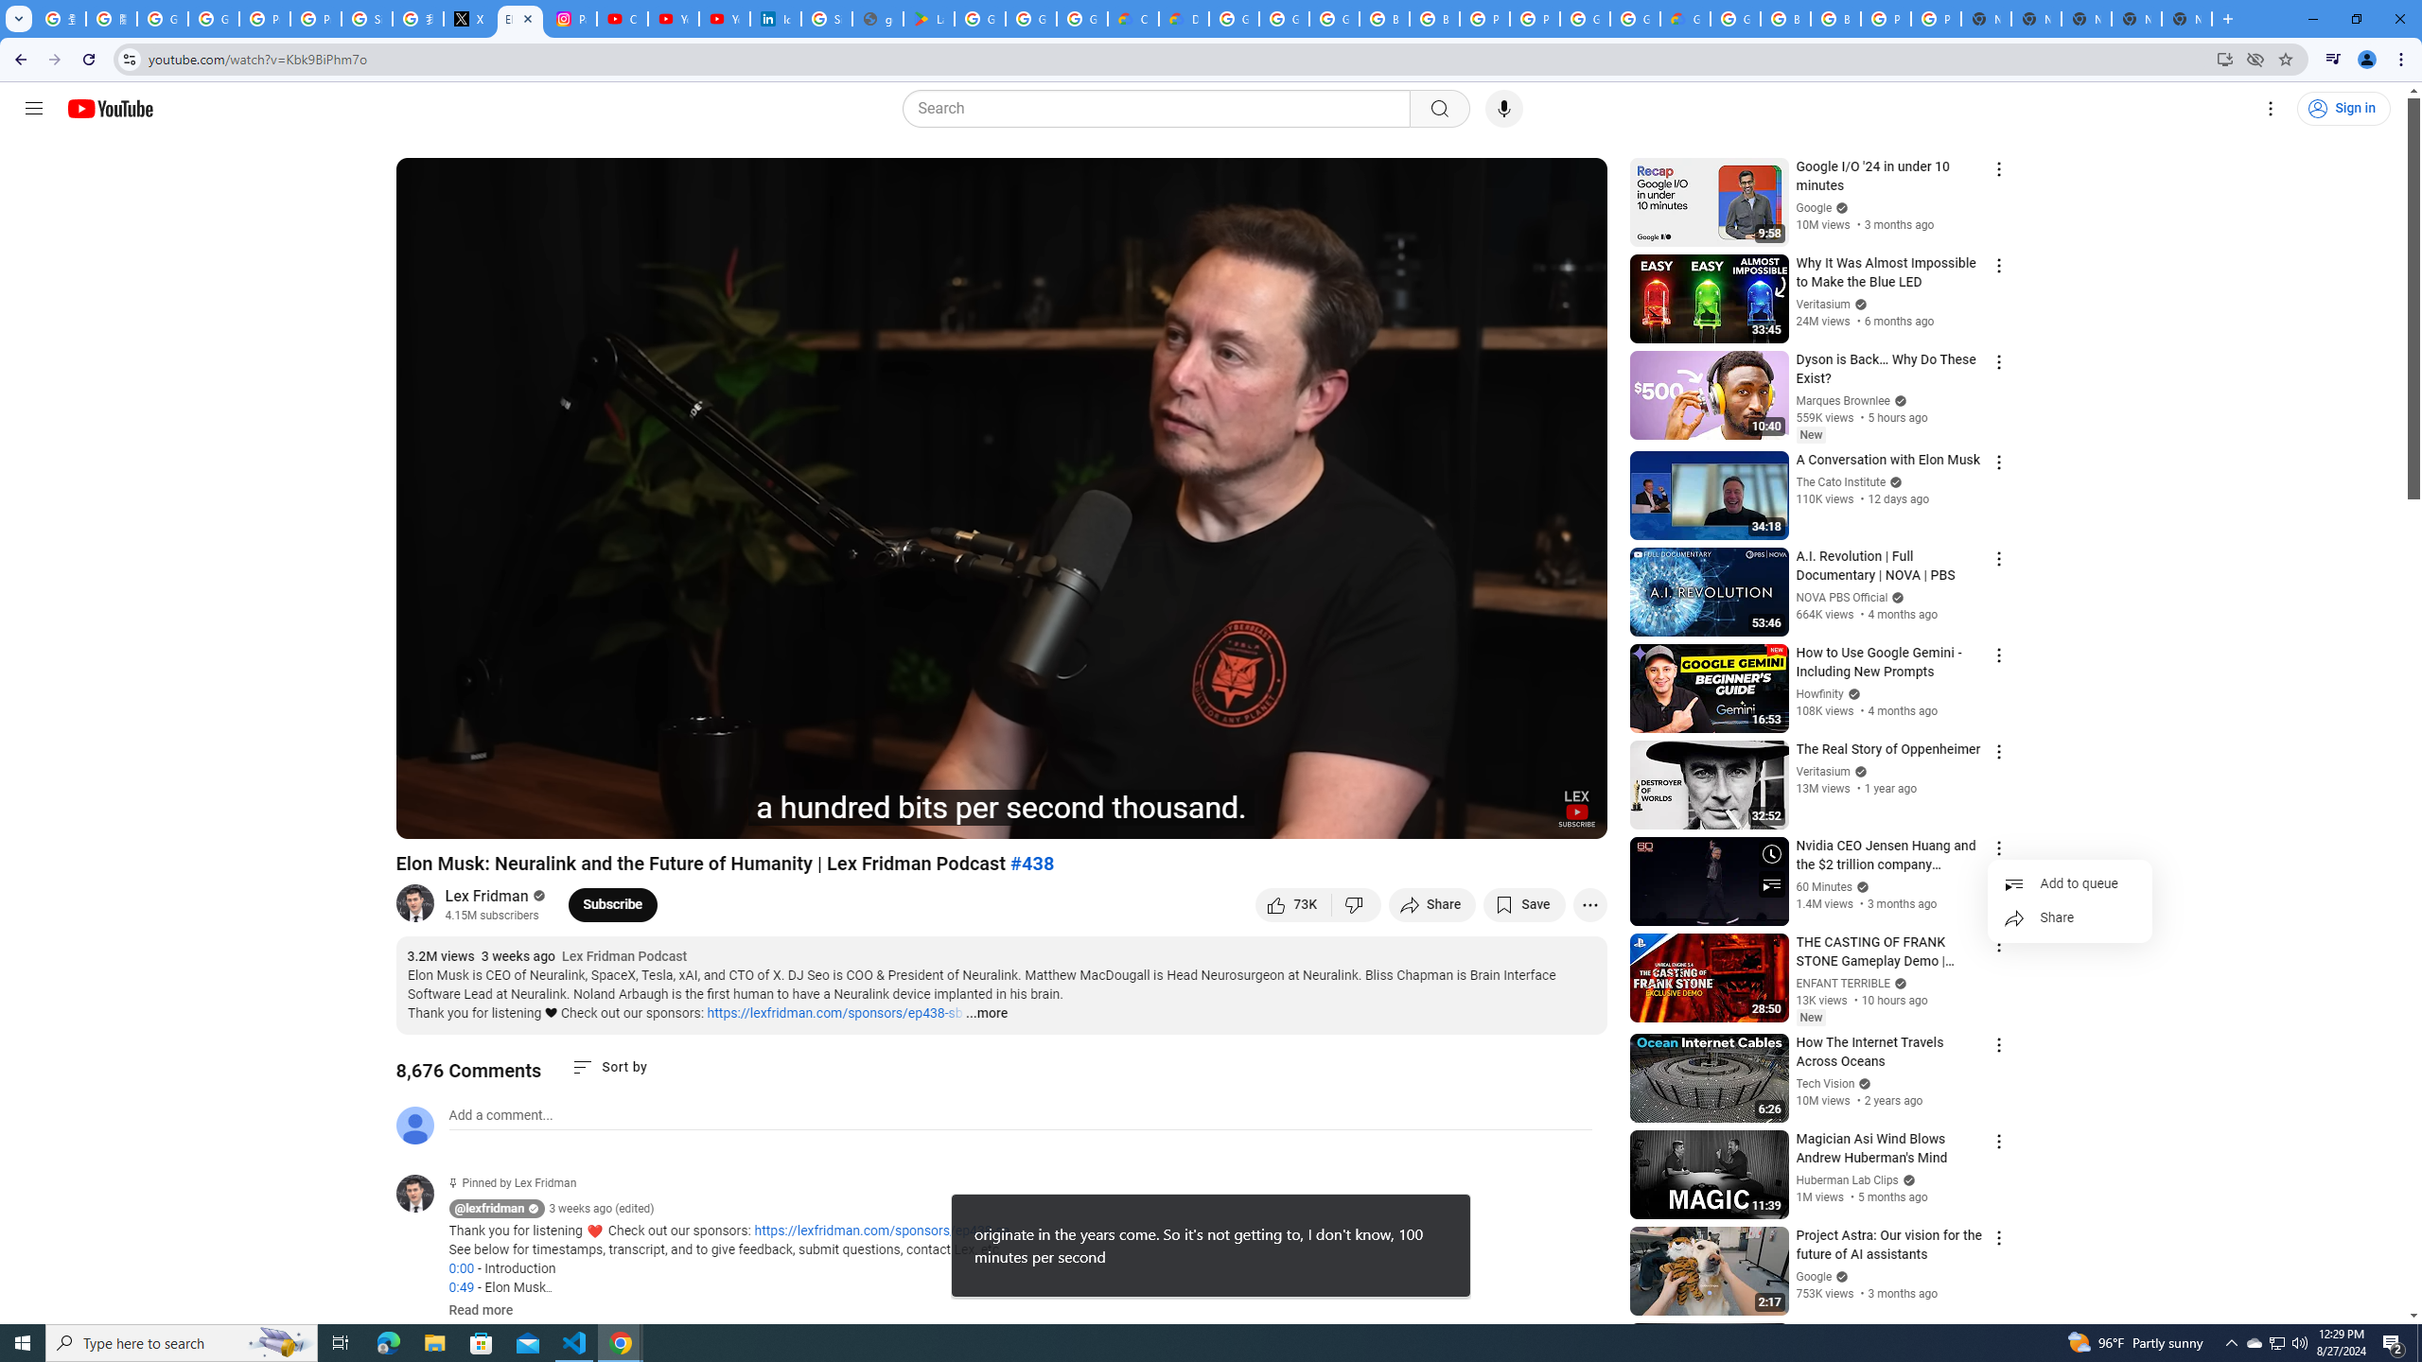  What do you see at coordinates (1588, 903) in the screenshot?
I see `'More actions'` at bounding box center [1588, 903].